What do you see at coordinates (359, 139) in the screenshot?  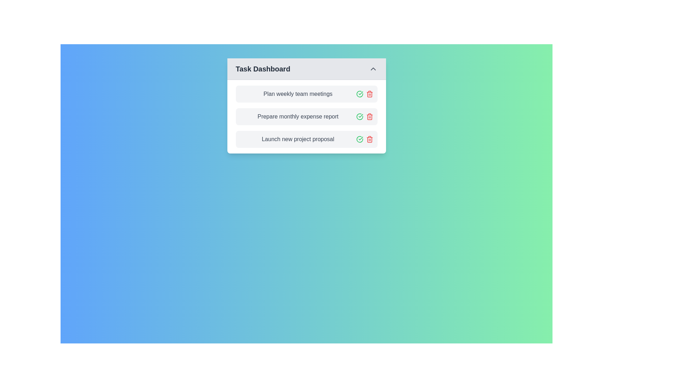 I see `the green circular icon with a checkmark beside the task labeled 'Launch new project proposal' to confirm the task` at bounding box center [359, 139].